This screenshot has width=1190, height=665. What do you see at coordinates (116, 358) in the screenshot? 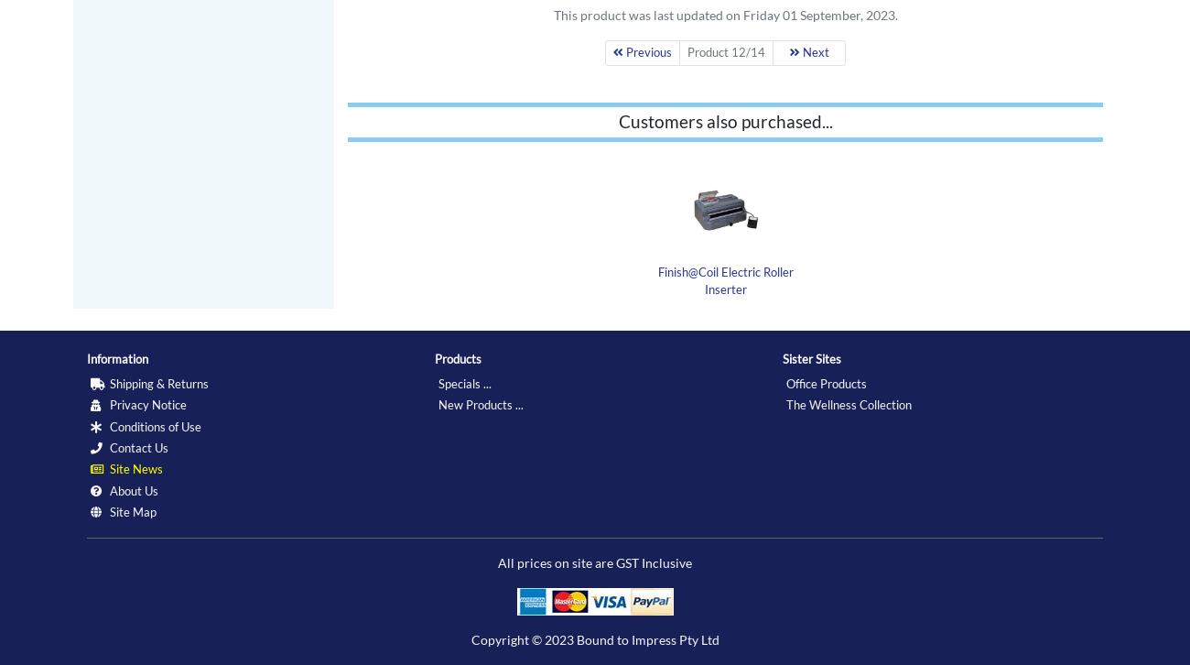
I see `'Information'` at bounding box center [116, 358].